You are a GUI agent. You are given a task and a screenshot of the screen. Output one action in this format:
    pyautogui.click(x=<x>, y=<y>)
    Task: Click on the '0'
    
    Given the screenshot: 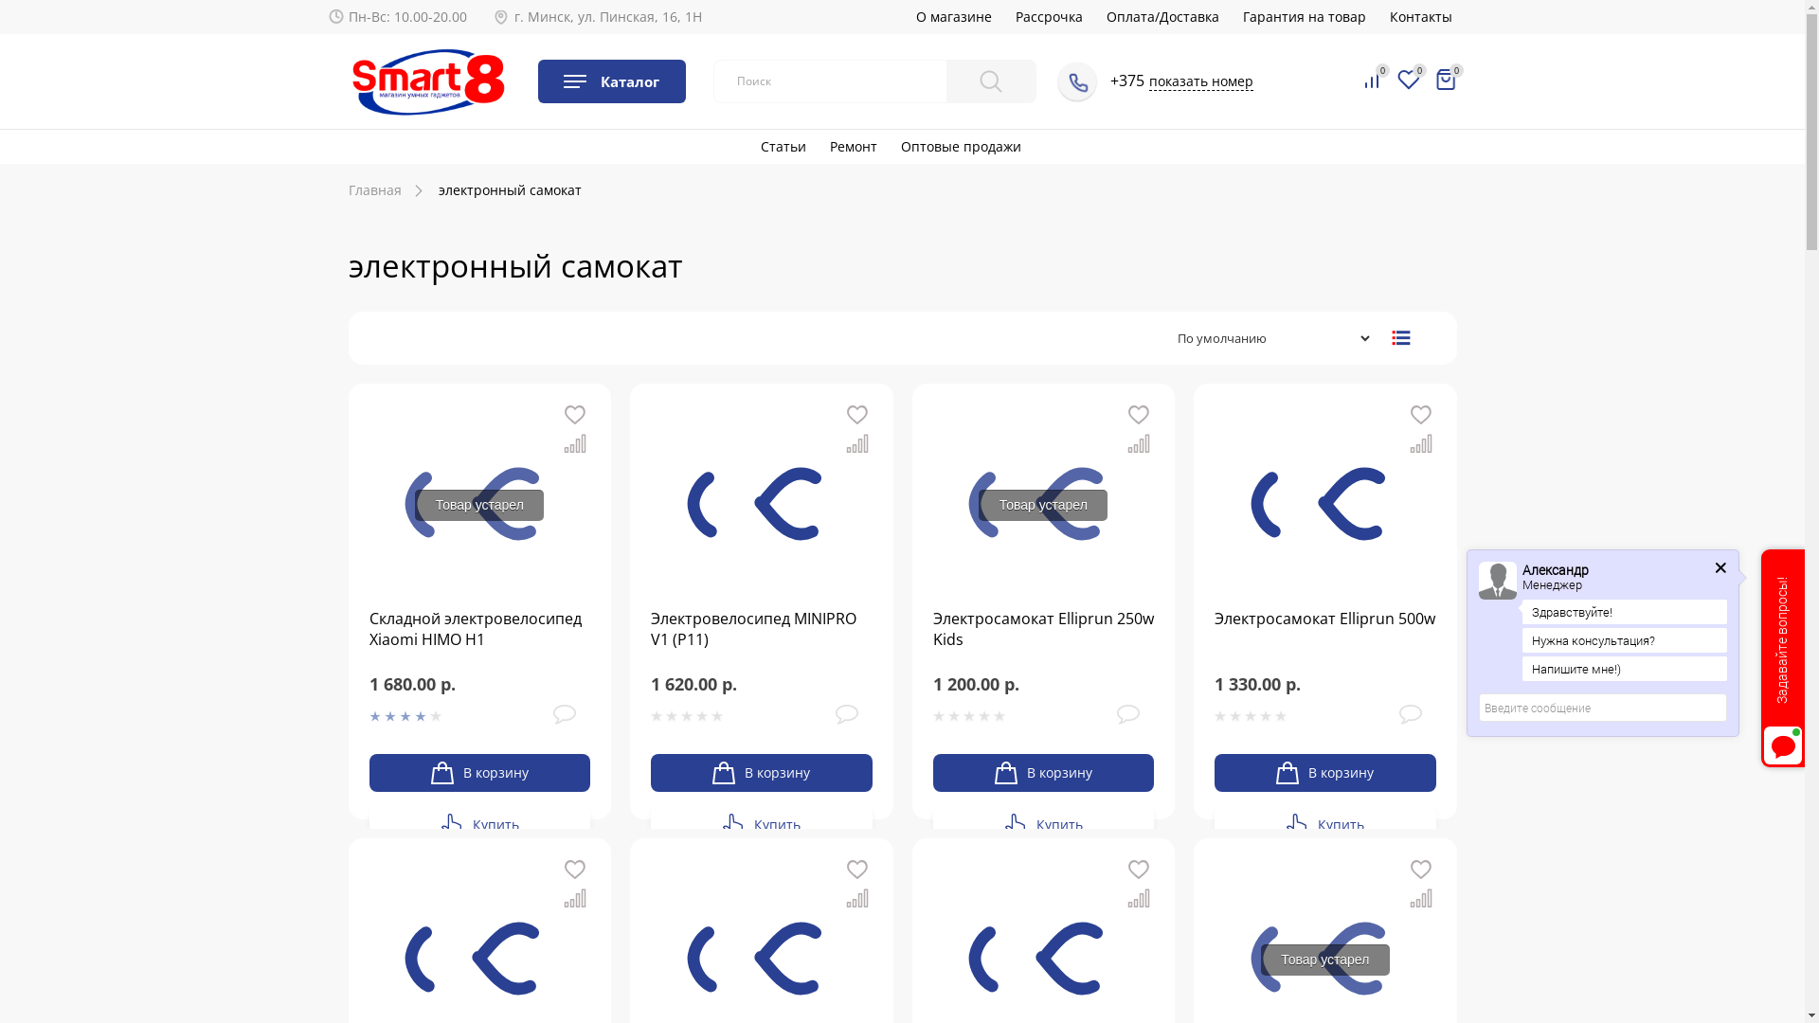 What is the action you would take?
    pyautogui.click(x=1408, y=80)
    